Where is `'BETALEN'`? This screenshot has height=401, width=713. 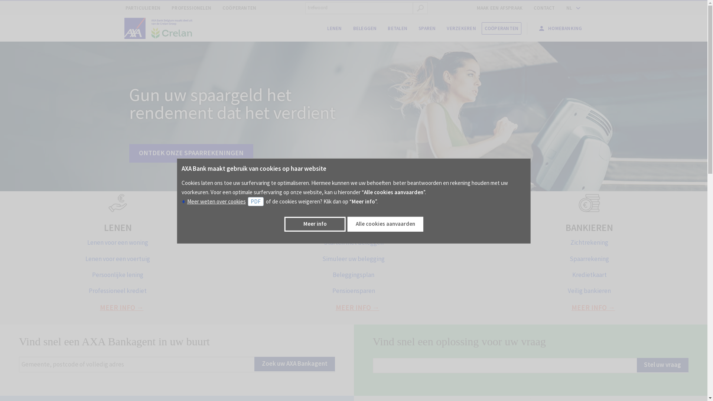
'BETALEN' is located at coordinates (397, 28).